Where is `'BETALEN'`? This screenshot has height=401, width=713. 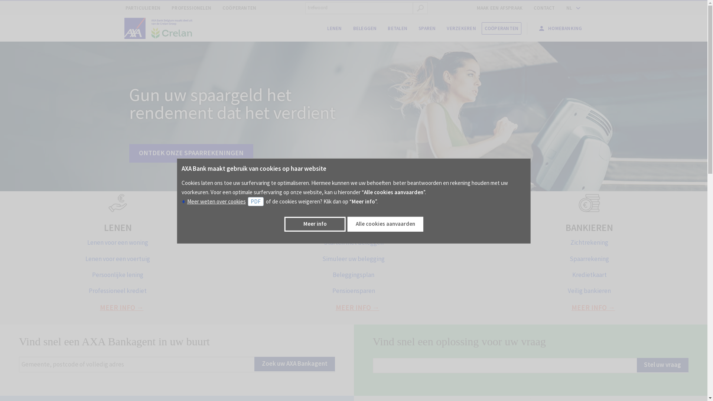
'BETALEN' is located at coordinates (397, 28).